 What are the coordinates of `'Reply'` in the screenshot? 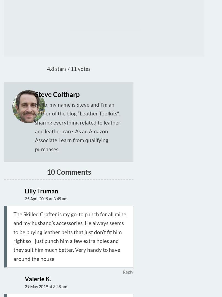 It's located at (128, 272).